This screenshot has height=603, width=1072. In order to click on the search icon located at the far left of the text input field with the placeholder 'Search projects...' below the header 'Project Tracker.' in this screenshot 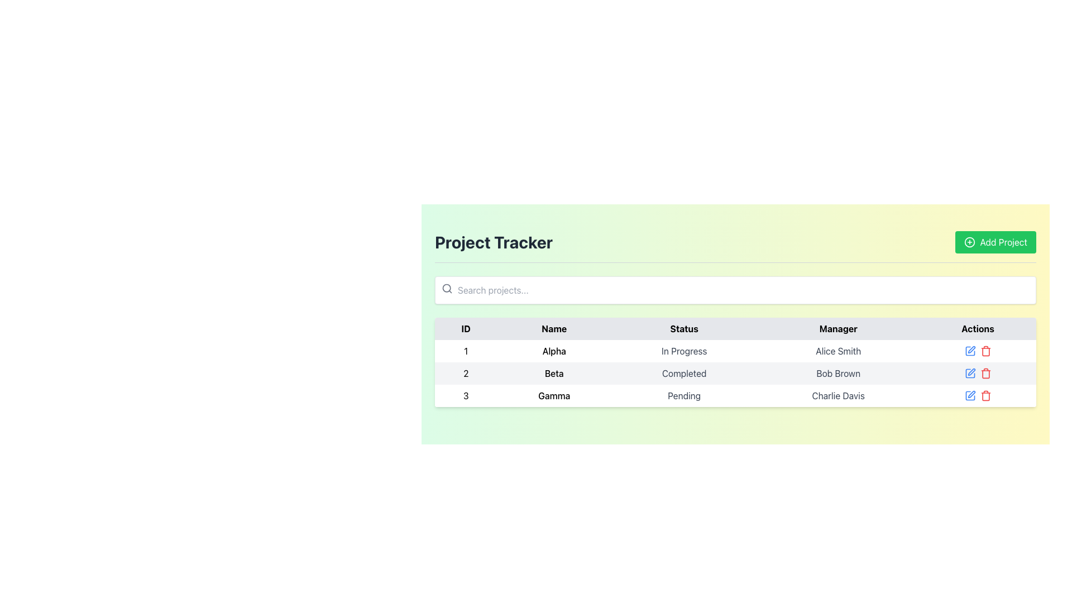, I will do `click(447, 288)`.